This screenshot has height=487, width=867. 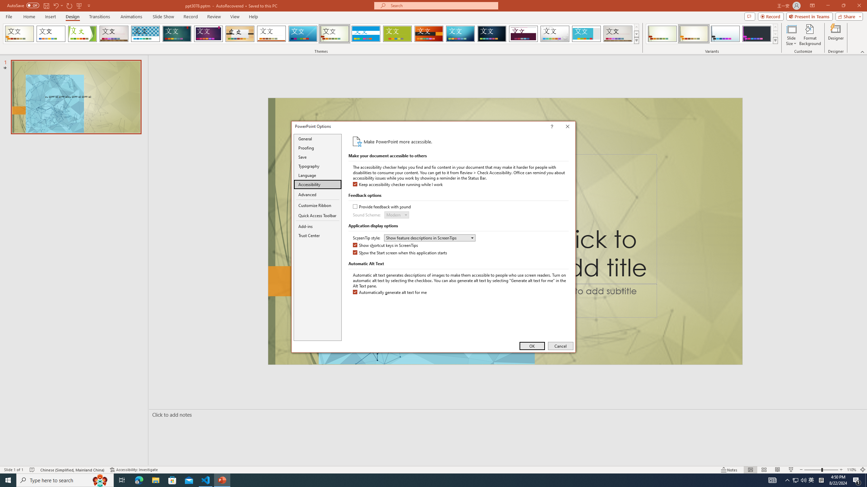 I want to click on 'Customize Ribbon', so click(x=317, y=205).